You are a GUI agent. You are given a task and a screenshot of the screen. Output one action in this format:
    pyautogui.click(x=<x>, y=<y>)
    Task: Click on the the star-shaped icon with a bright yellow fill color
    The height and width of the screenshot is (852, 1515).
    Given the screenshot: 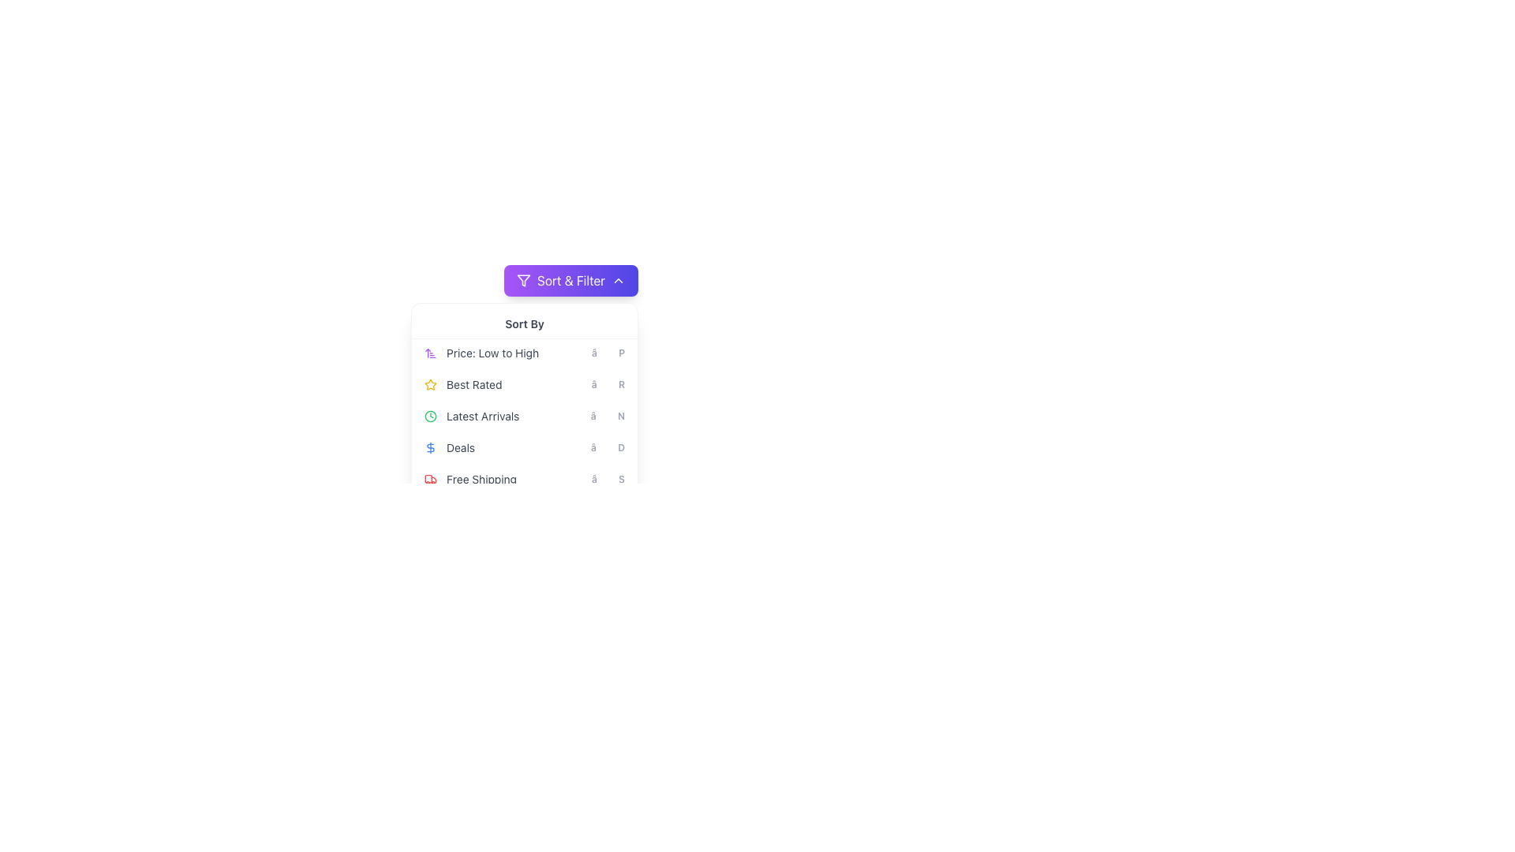 What is the action you would take?
    pyautogui.click(x=431, y=384)
    